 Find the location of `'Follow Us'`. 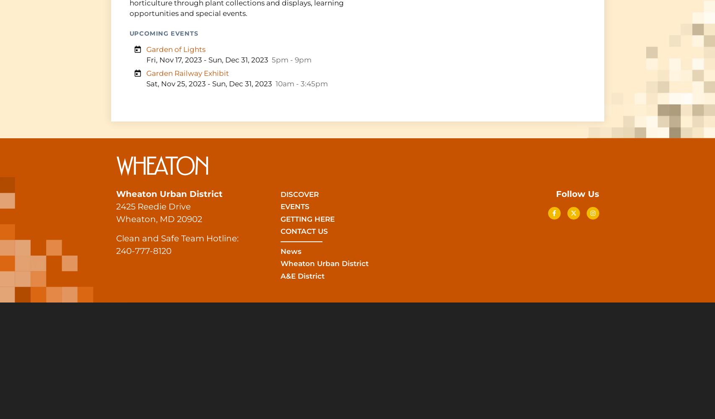

'Follow Us' is located at coordinates (555, 193).